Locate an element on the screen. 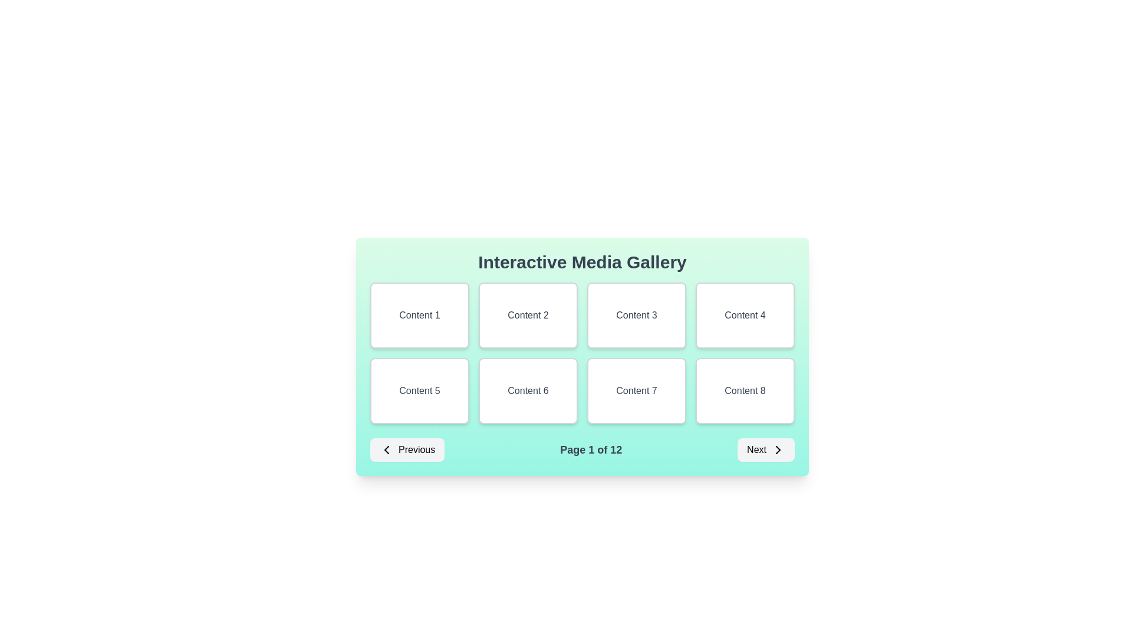 The width and height of the screenshot is (1132, 637). the 'Content 6' button, which is a rectangular button with rounded corners, a white background, and gray text, located in the second grid row and second column of a 4x2 grid layout is located at coordinates (528, 391).